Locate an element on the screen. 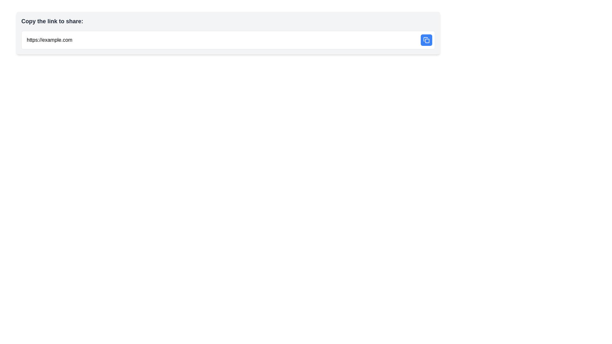 The image size is (612, 344). the small white icon depicting two overlapping rectangles, which is part of a button located at the far-right end of a horizontal text input field is located at coordinates (426, 40).